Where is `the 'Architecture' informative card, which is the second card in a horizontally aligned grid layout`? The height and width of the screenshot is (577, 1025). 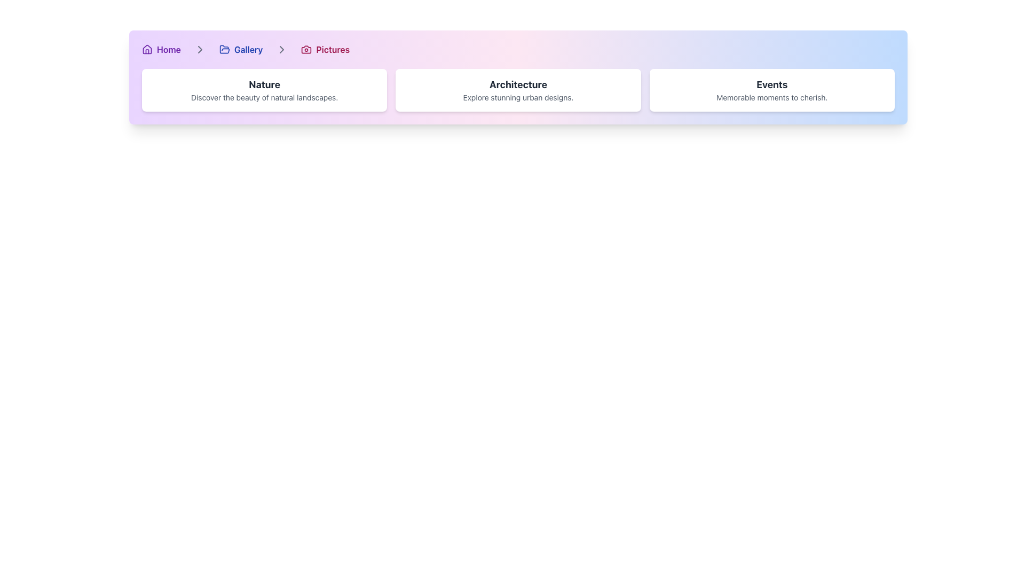
the 'Architecture' informative card, which is the second card in a horizontally aligned grid layout is located at coordinates (518, 90).